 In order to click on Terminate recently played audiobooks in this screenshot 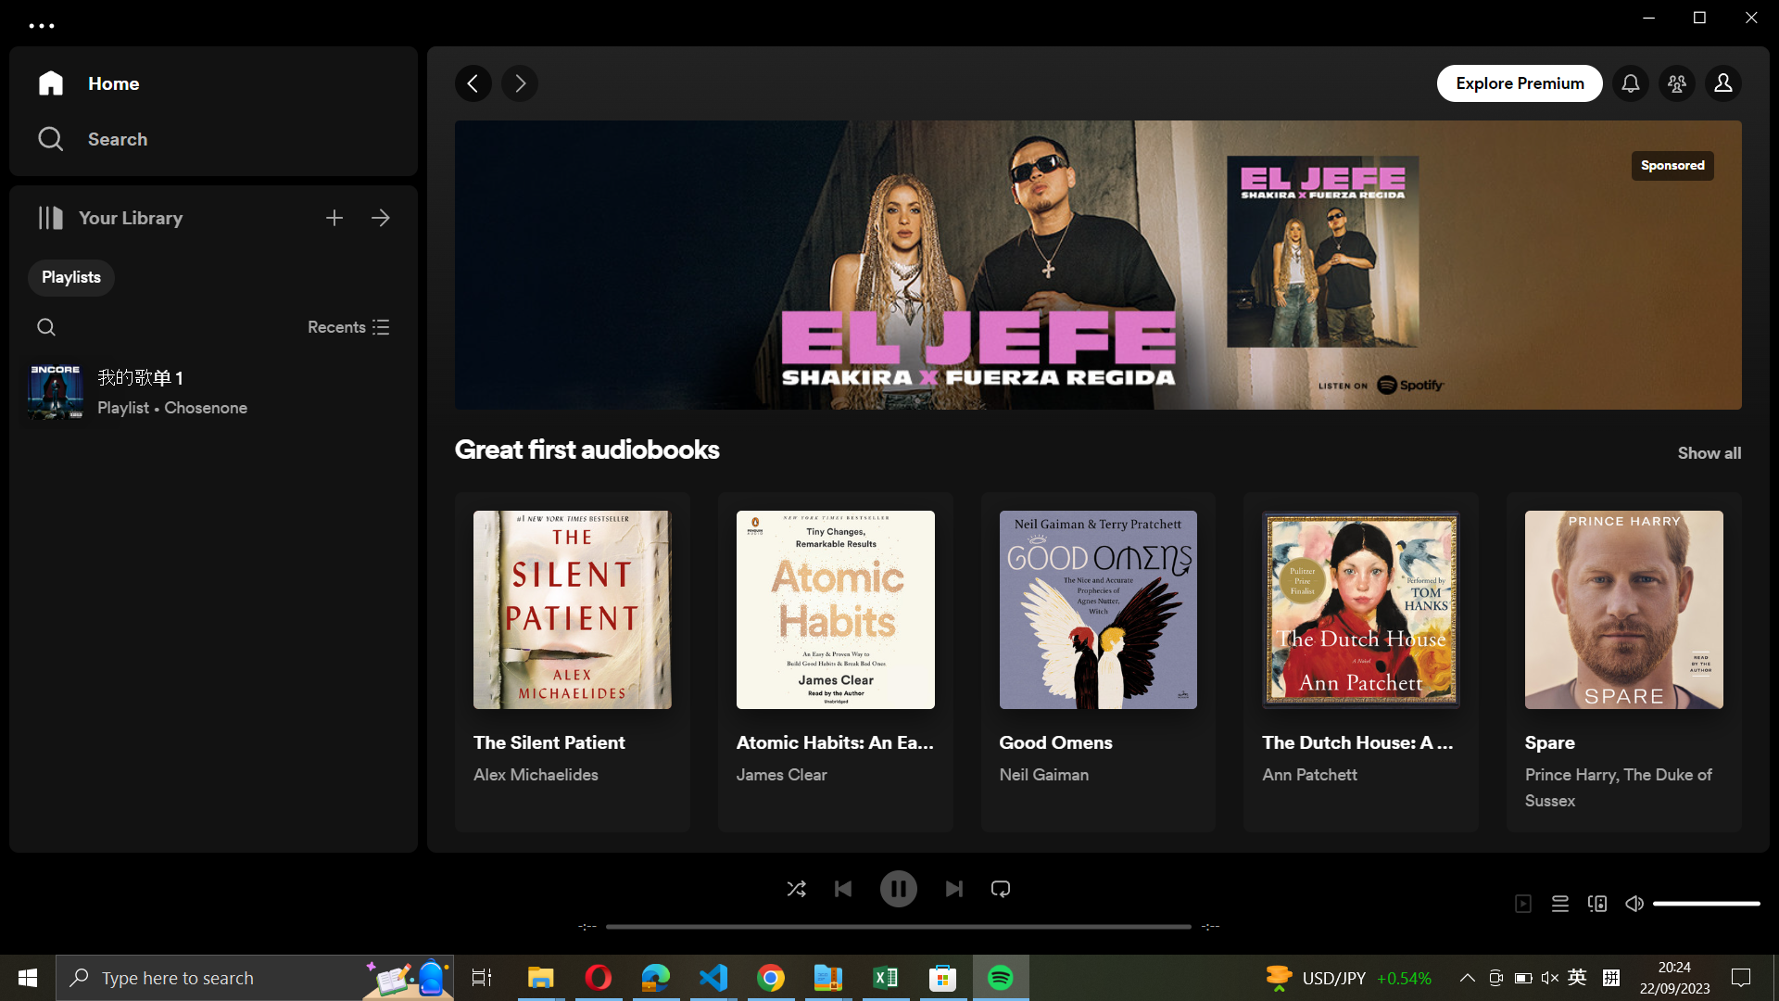, I will do `click(348, 324)`.